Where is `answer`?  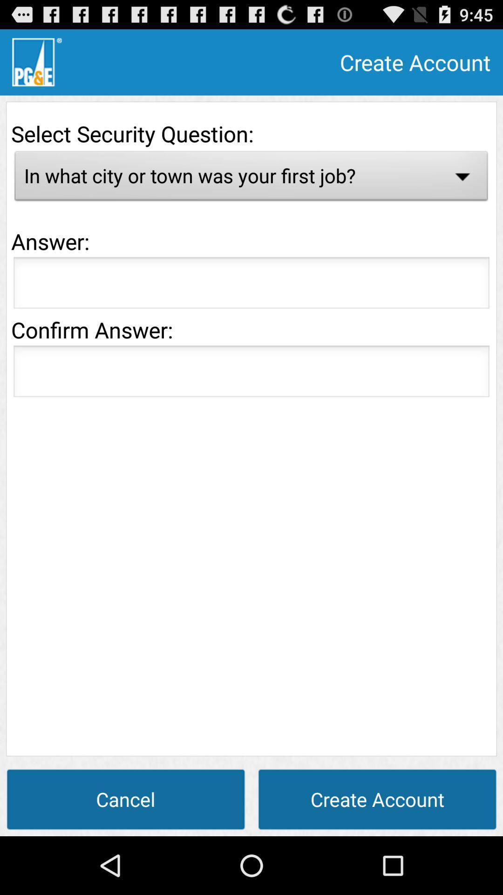
answer is located at coordinates (251, 285).